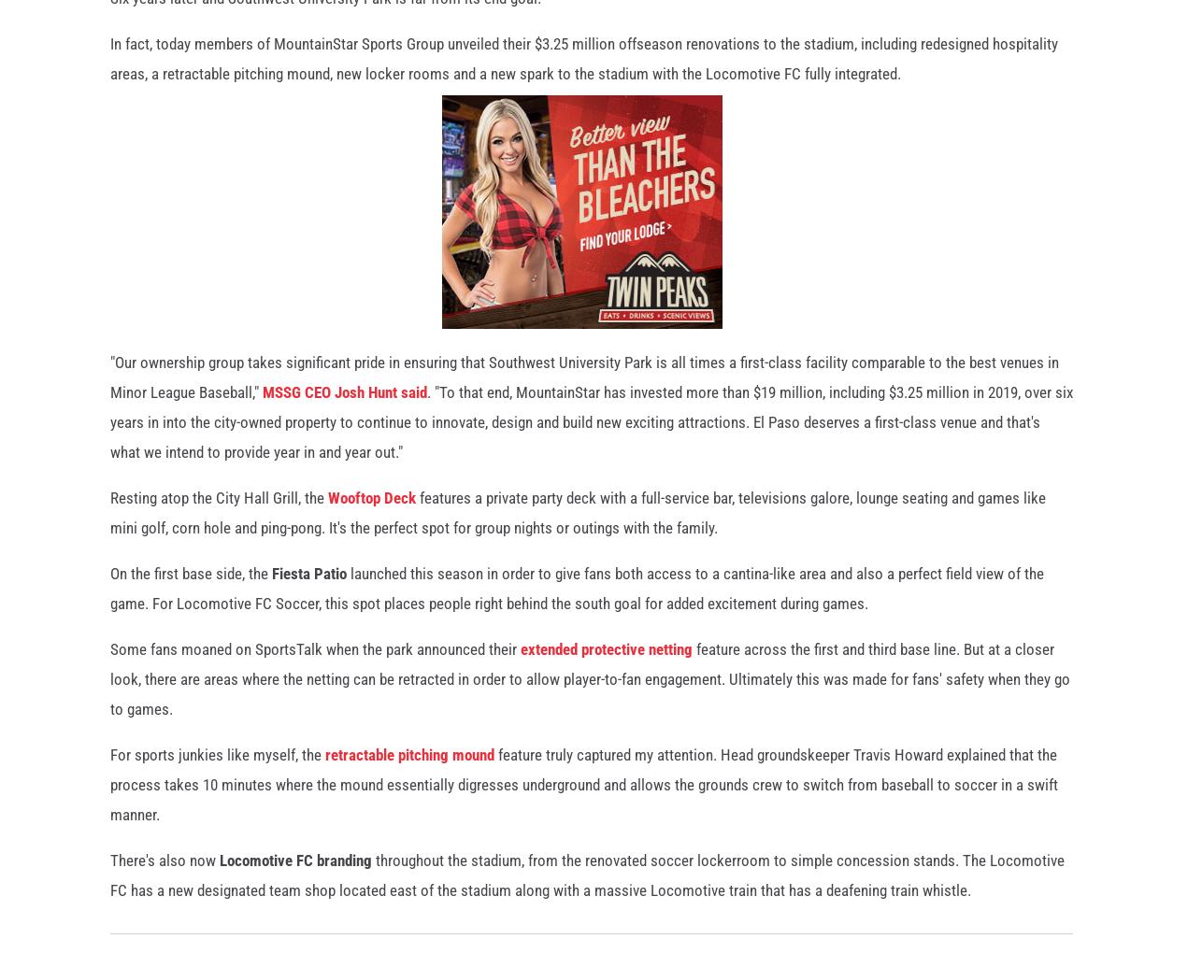  Describe the element at coordinates (577, 521) in the screenshot. I see `'features a private party deck with a full-service bar, televisions galore, lounge seating and games like mini golf, corn hole and ping-pong. It's the perfect spot for group nights or outings with the family.'` at that location.